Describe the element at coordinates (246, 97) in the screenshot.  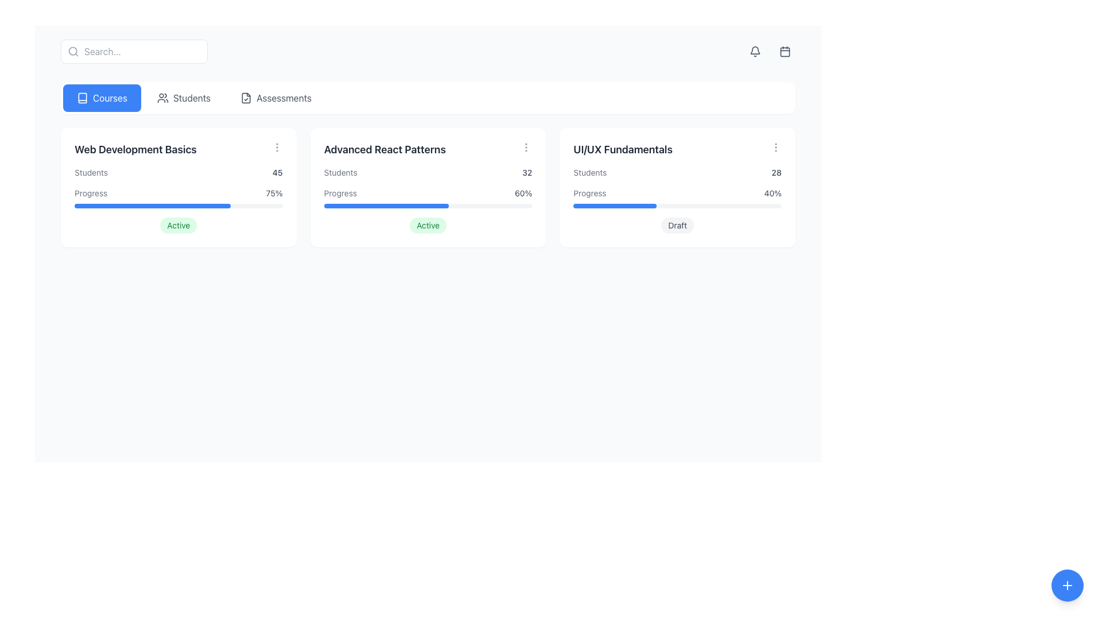
I see `the document icon with a checkmark located to the left of the 'Assessments' text in the navigation bar` at that location.